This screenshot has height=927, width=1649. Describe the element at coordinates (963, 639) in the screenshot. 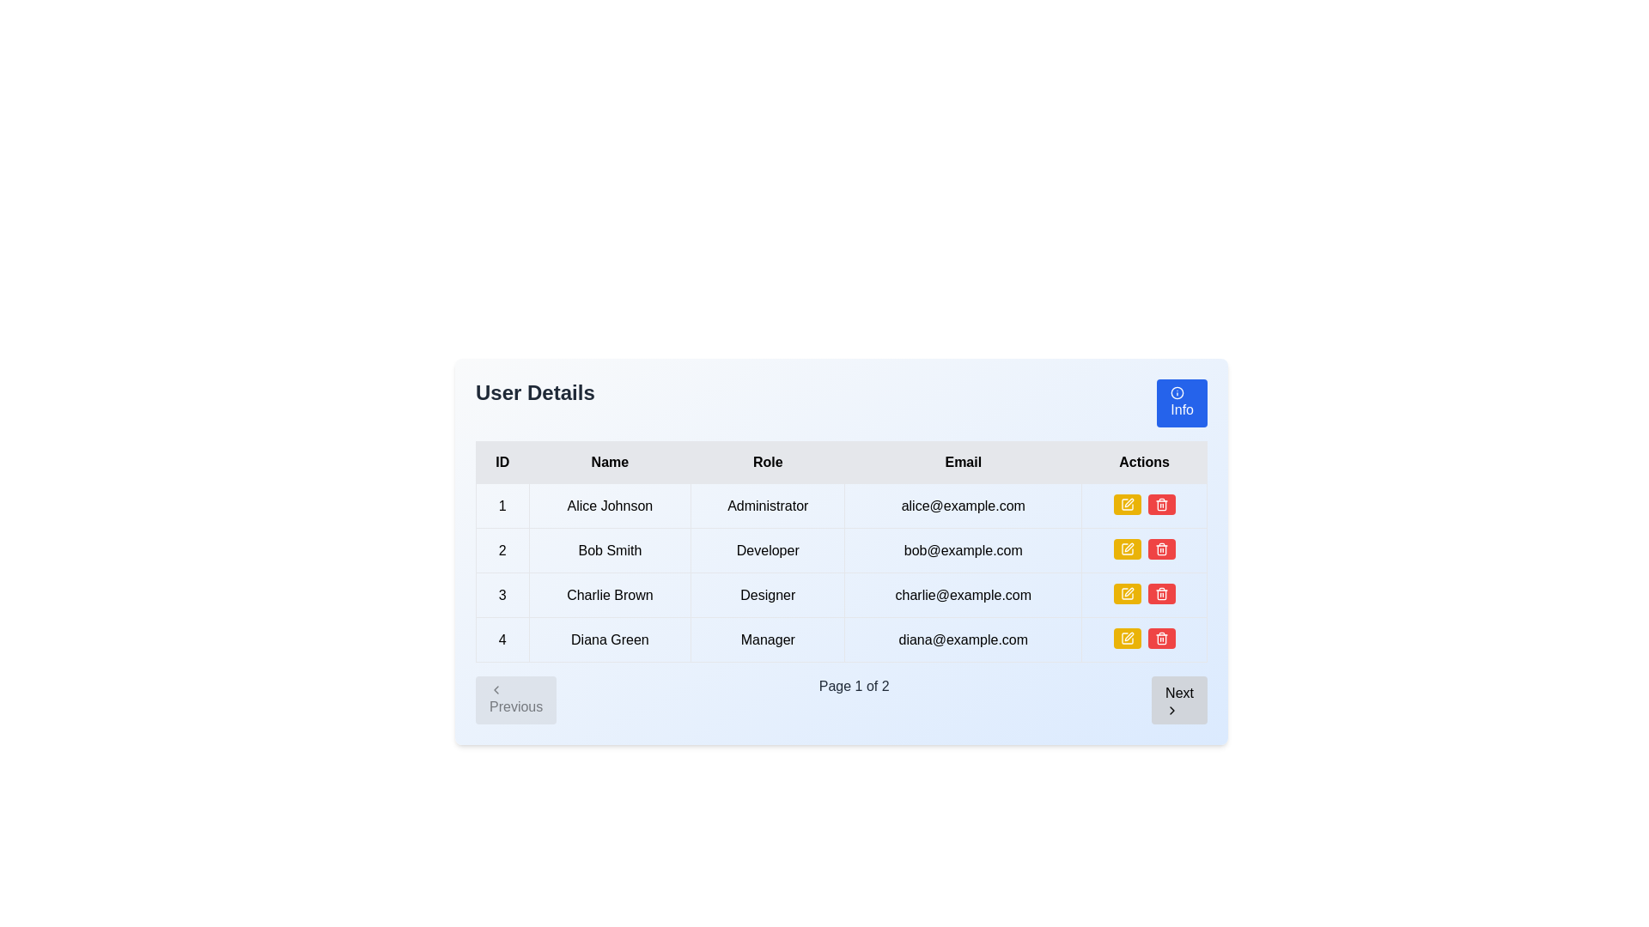

I see `the static text displaying the email address of user 'Diana Green' located in the 'Email' column of the fourth row in the table` at that location.